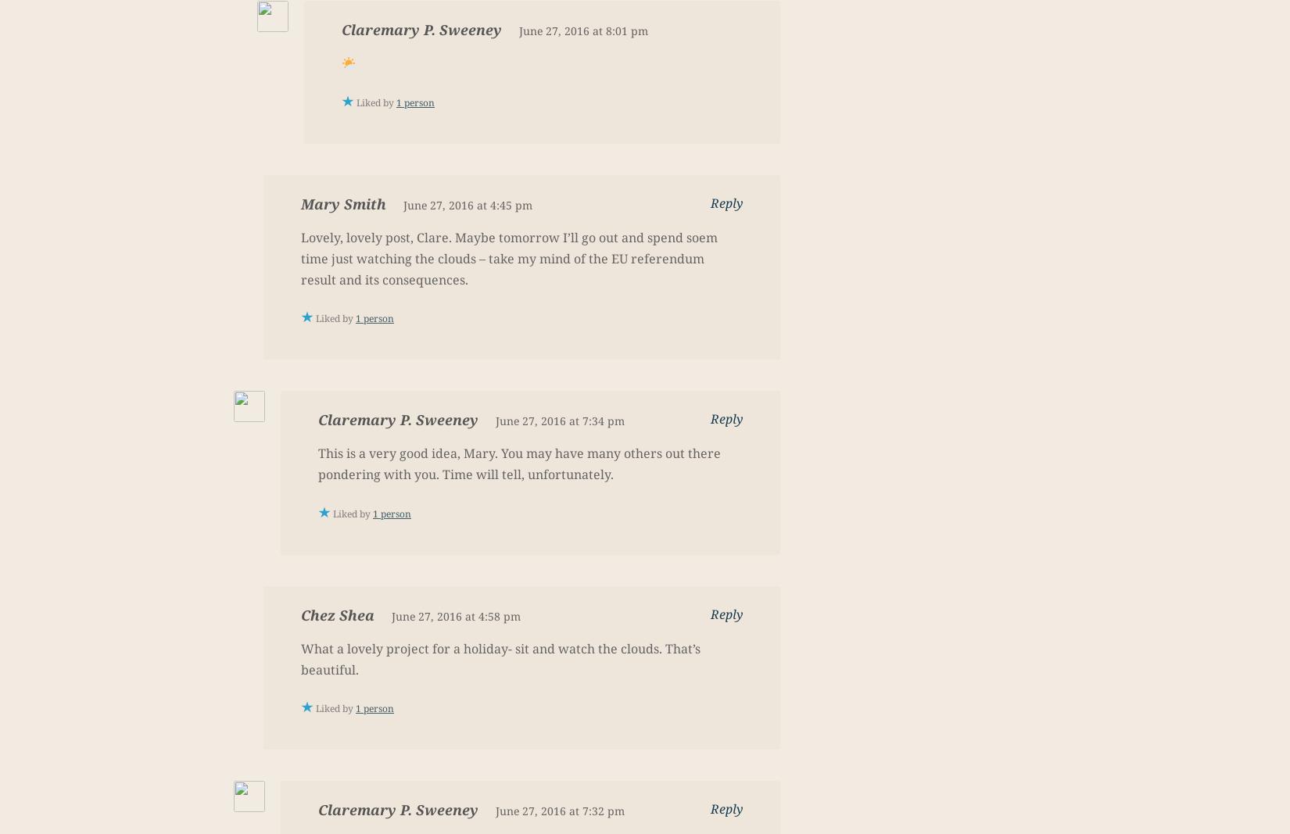 This screenshot has width=1290, height=834. Describe the element at coordinates (500, 657) in the screenshot. I see `'What a lovely project for a holiday- sit and watch the clouds. That’s beautiful.'` at that location.